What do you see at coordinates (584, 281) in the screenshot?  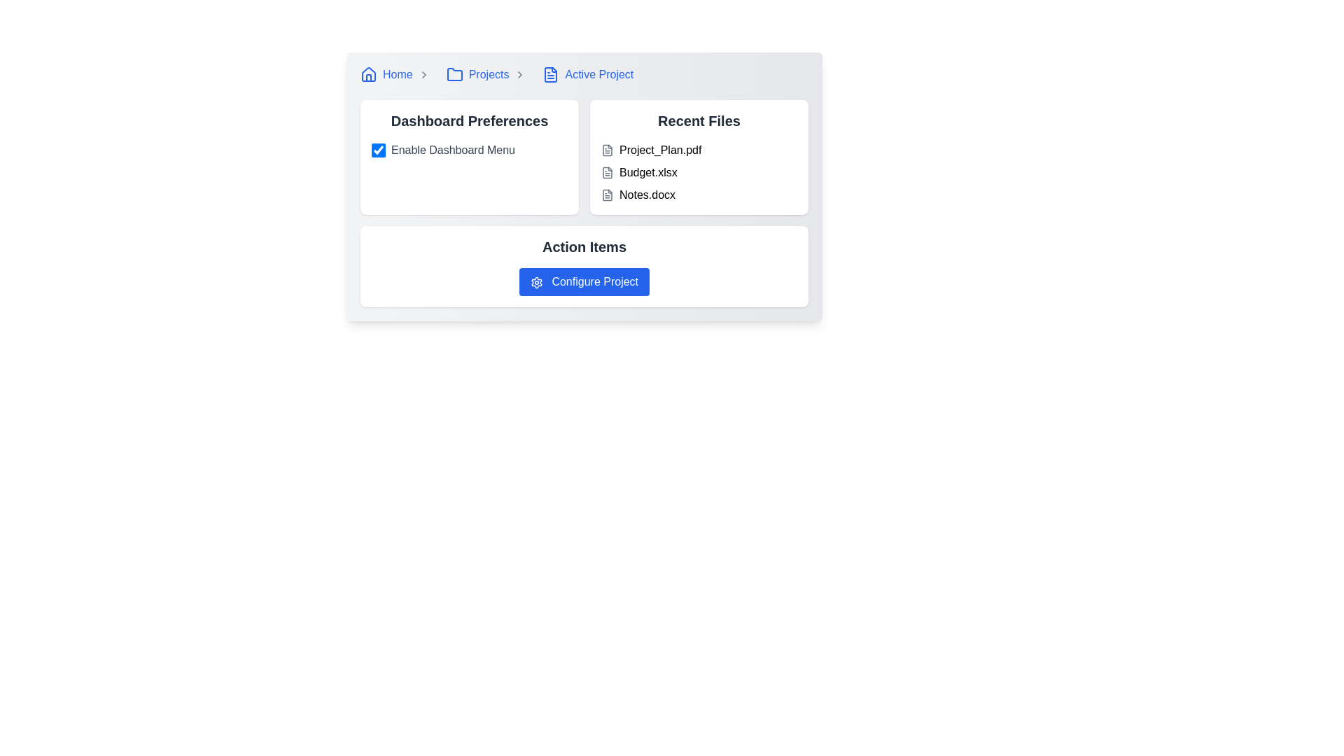 I see `the rectangular blue button labeled 'Configure Project'` at bounding box center [584, 281].